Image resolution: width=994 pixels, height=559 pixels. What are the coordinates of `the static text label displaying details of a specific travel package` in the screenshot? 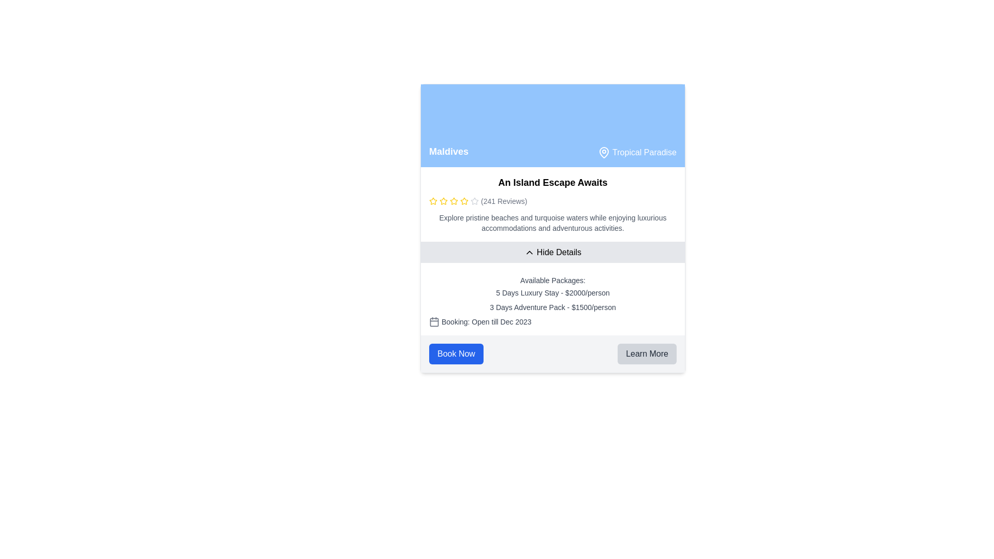 It's located at (552, 293).